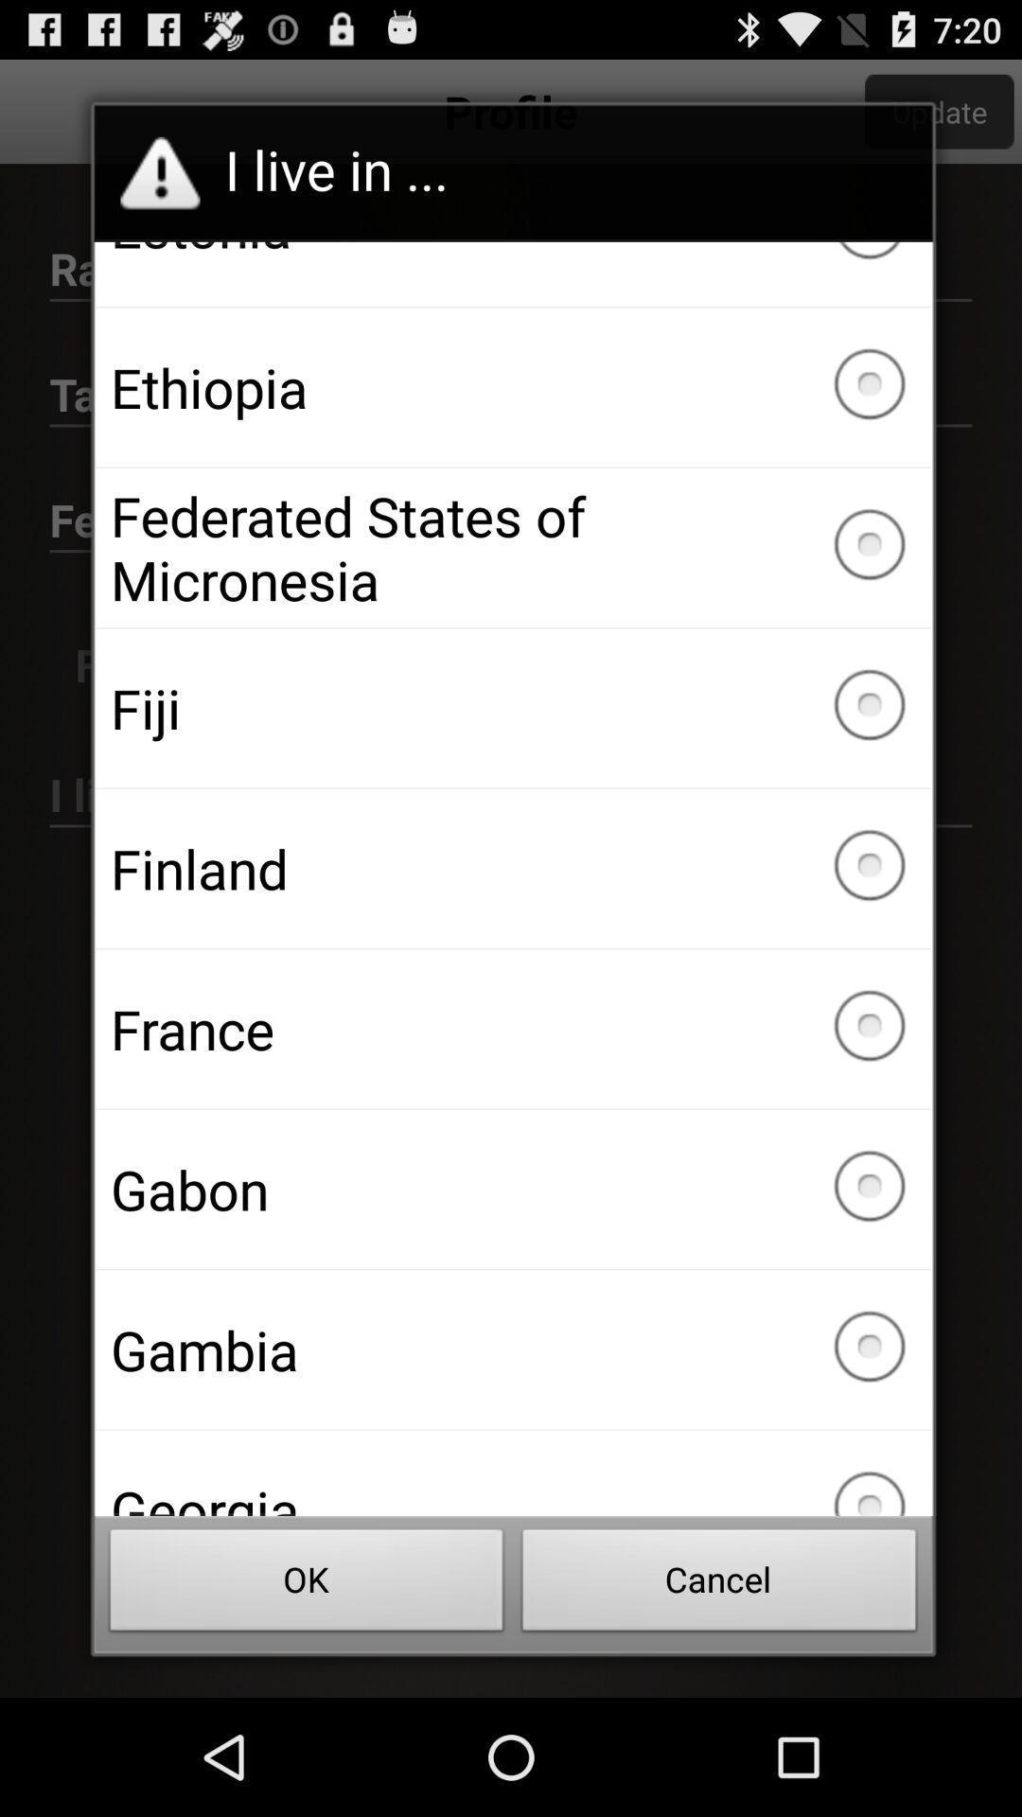  I want to click on ok button, so click(306, 1585).